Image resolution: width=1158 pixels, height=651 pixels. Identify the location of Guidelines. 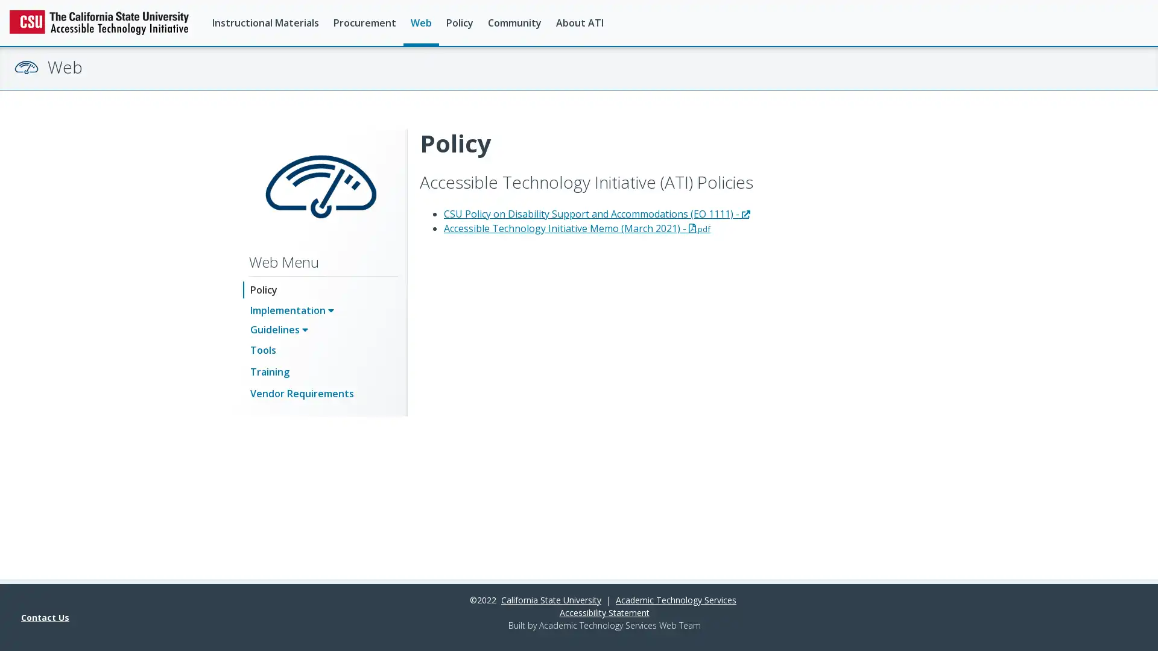
(278, 329).